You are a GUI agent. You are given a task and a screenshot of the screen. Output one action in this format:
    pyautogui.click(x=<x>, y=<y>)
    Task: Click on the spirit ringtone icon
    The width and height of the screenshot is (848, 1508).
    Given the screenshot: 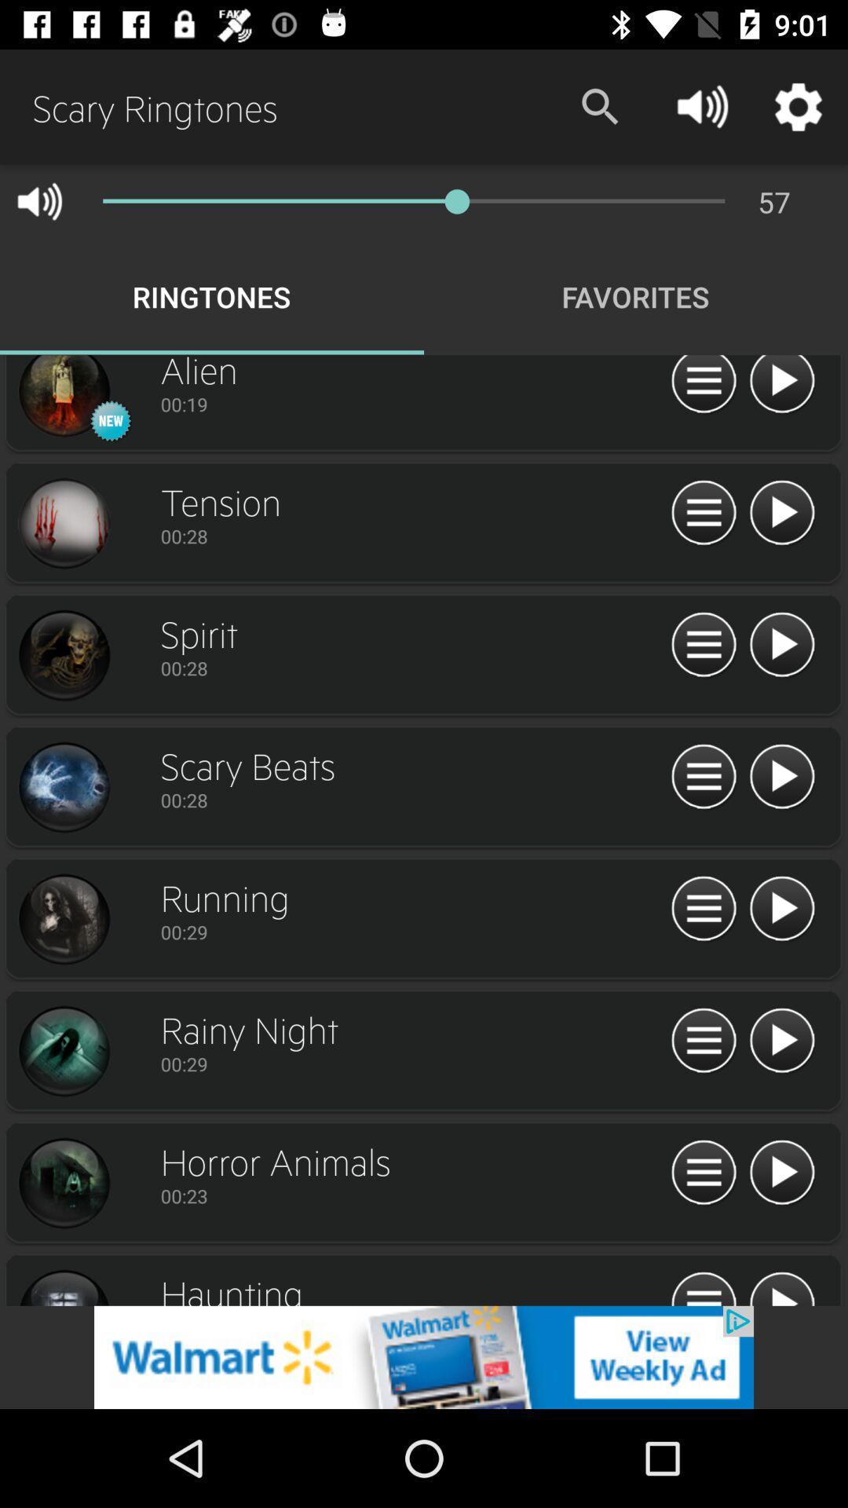 What is the action you would take?
    pyautogui.click(x=781, y=645)
    